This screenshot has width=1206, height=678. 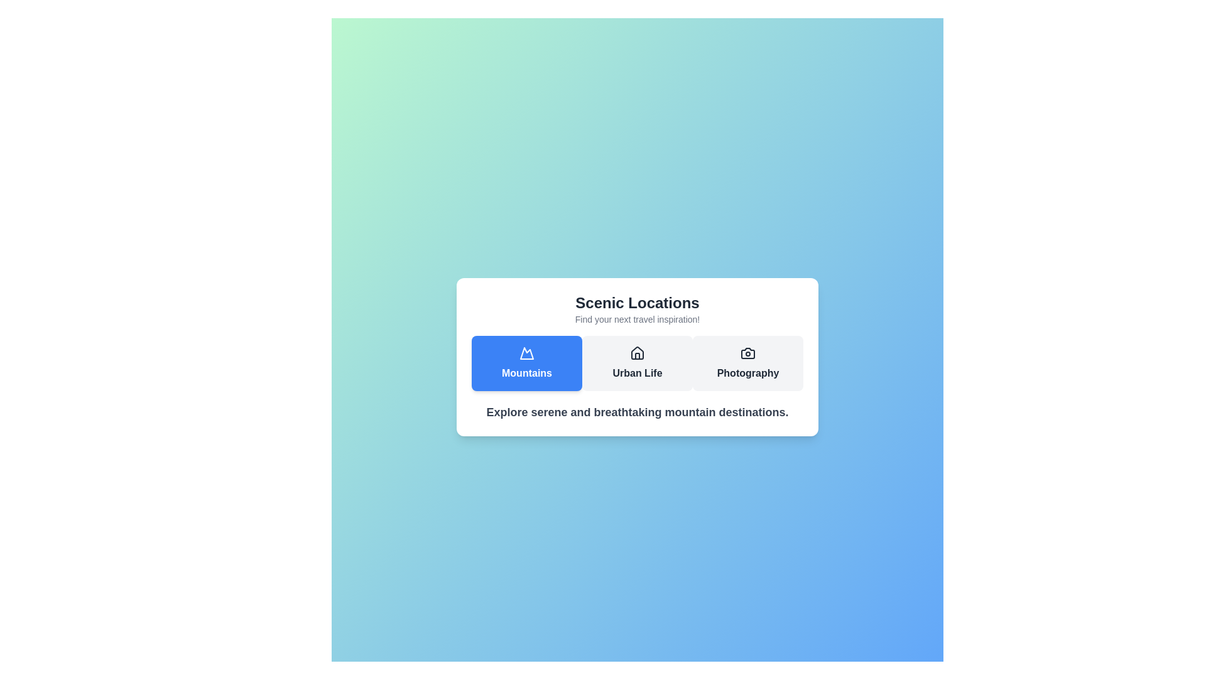 What do you see at coordinates (637, 363) in the screenshot?
I see `the 'Urban Life' tab to select it` at bounding box center [637, 363].